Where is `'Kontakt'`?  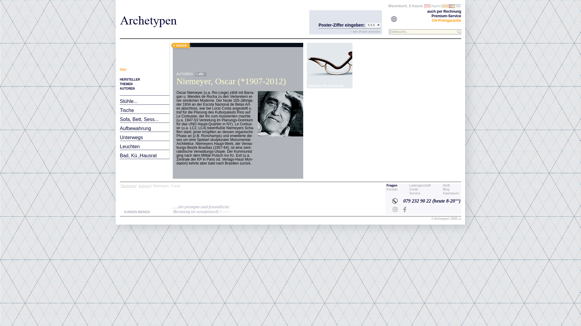
'Kontakt' is located at coordinates (386, 189).